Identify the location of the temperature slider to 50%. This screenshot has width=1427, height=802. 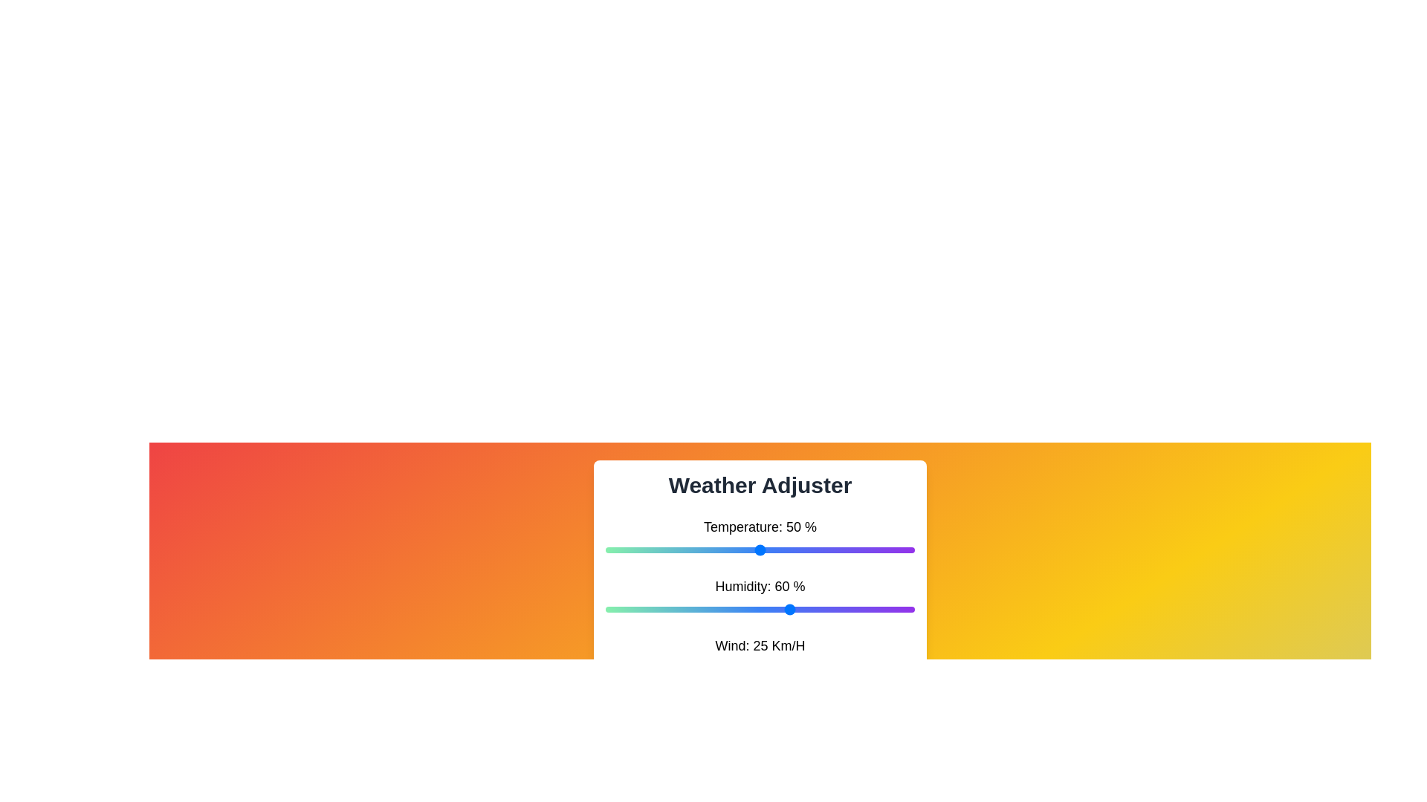
(760, 550).